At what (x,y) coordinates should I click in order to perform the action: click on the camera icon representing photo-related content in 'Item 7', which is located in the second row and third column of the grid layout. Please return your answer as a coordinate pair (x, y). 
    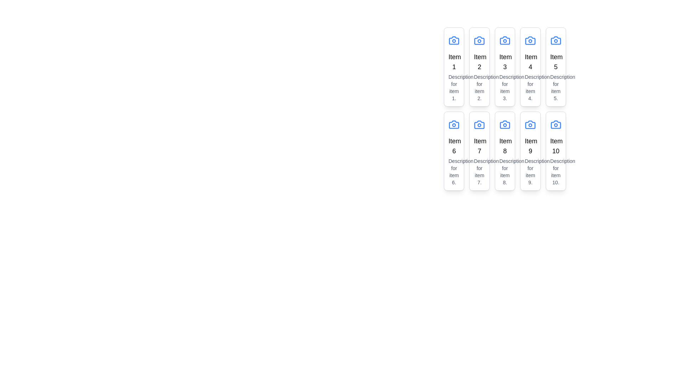
    Looking at the image, I should click on (480, 124).